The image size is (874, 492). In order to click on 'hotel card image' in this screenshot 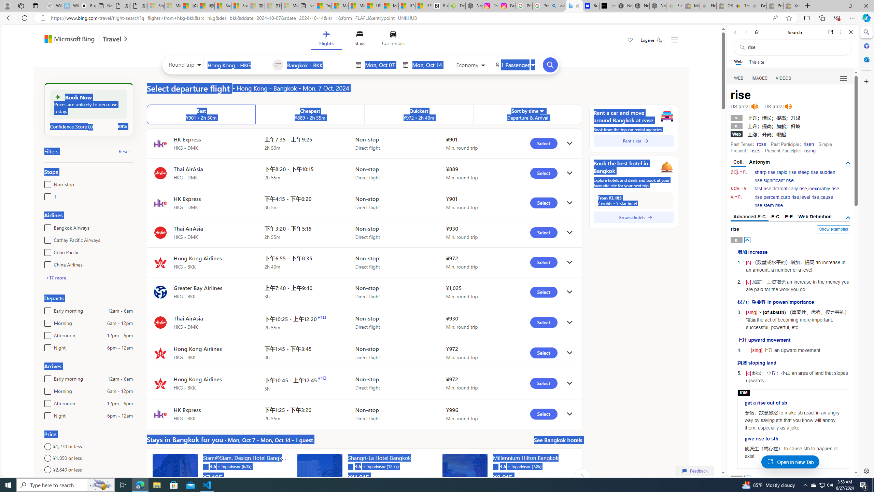, I will do `click(465, 476)`.